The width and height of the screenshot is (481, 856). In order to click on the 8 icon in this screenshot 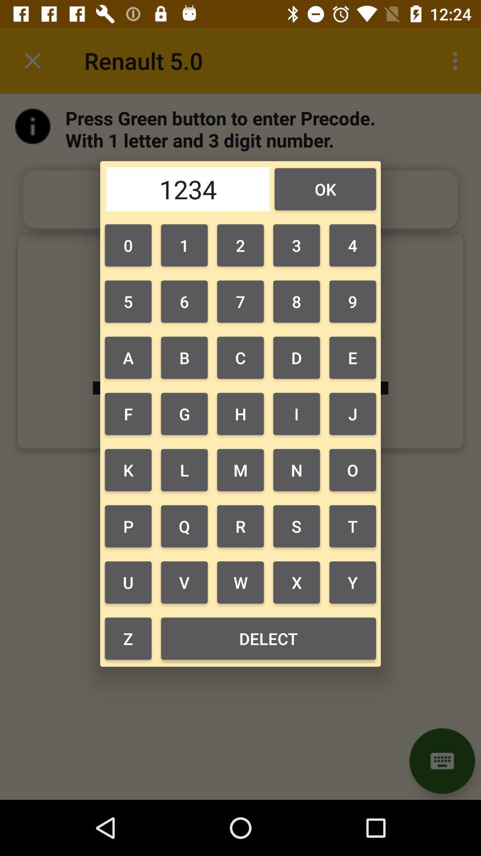, I will do `click(297, 301)`.